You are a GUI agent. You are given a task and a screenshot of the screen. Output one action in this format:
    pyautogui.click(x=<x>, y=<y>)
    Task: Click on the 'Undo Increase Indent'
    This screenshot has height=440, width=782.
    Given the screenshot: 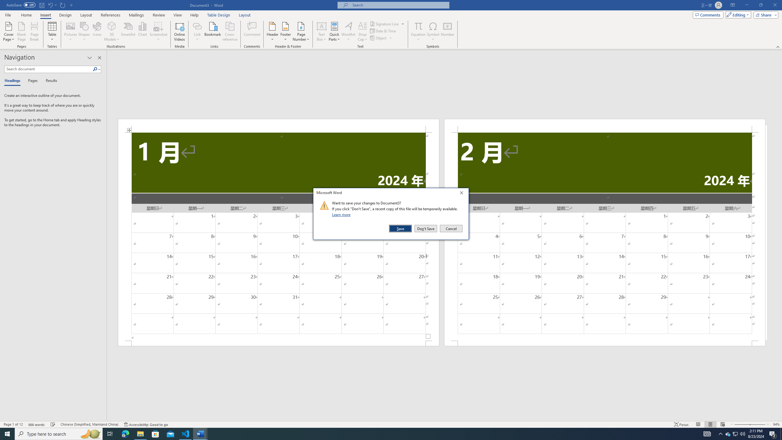 What is the action you would take?
    pyautogui.click(x=50, y=5)
    